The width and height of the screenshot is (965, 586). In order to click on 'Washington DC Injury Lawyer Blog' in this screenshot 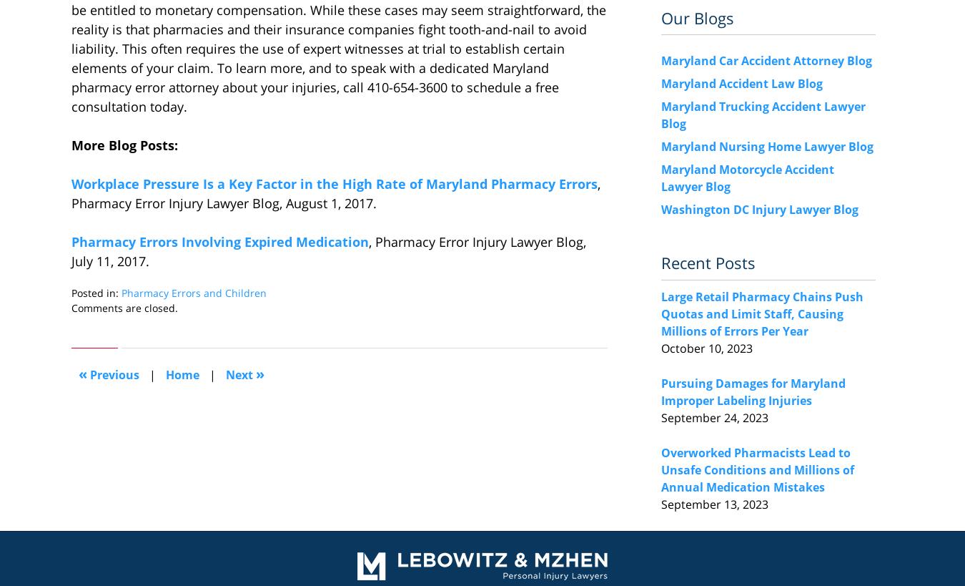, I will do `click(759, 209)`.